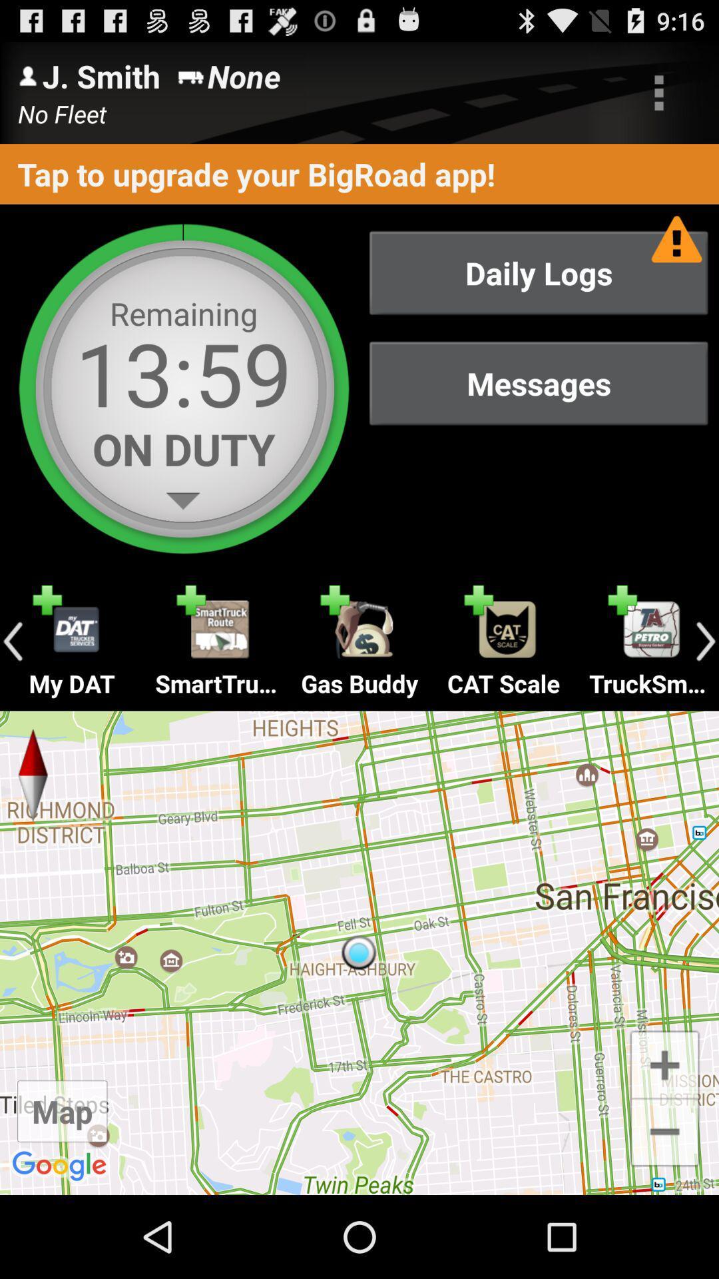 This screenshot has height=1279, width=719. I want to click on zoom in, so click(664, 1063).